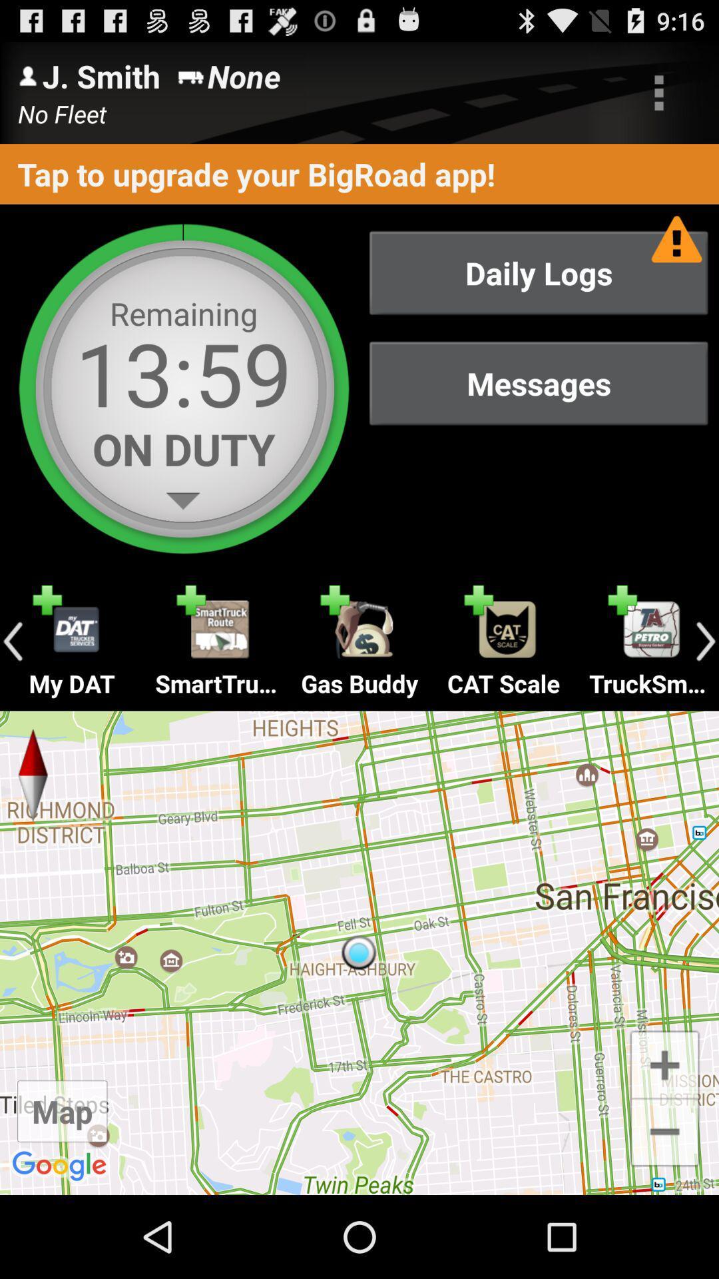 This screenshot has height=1279, width=719. I want to click on zoom in, so click(664, 1063).